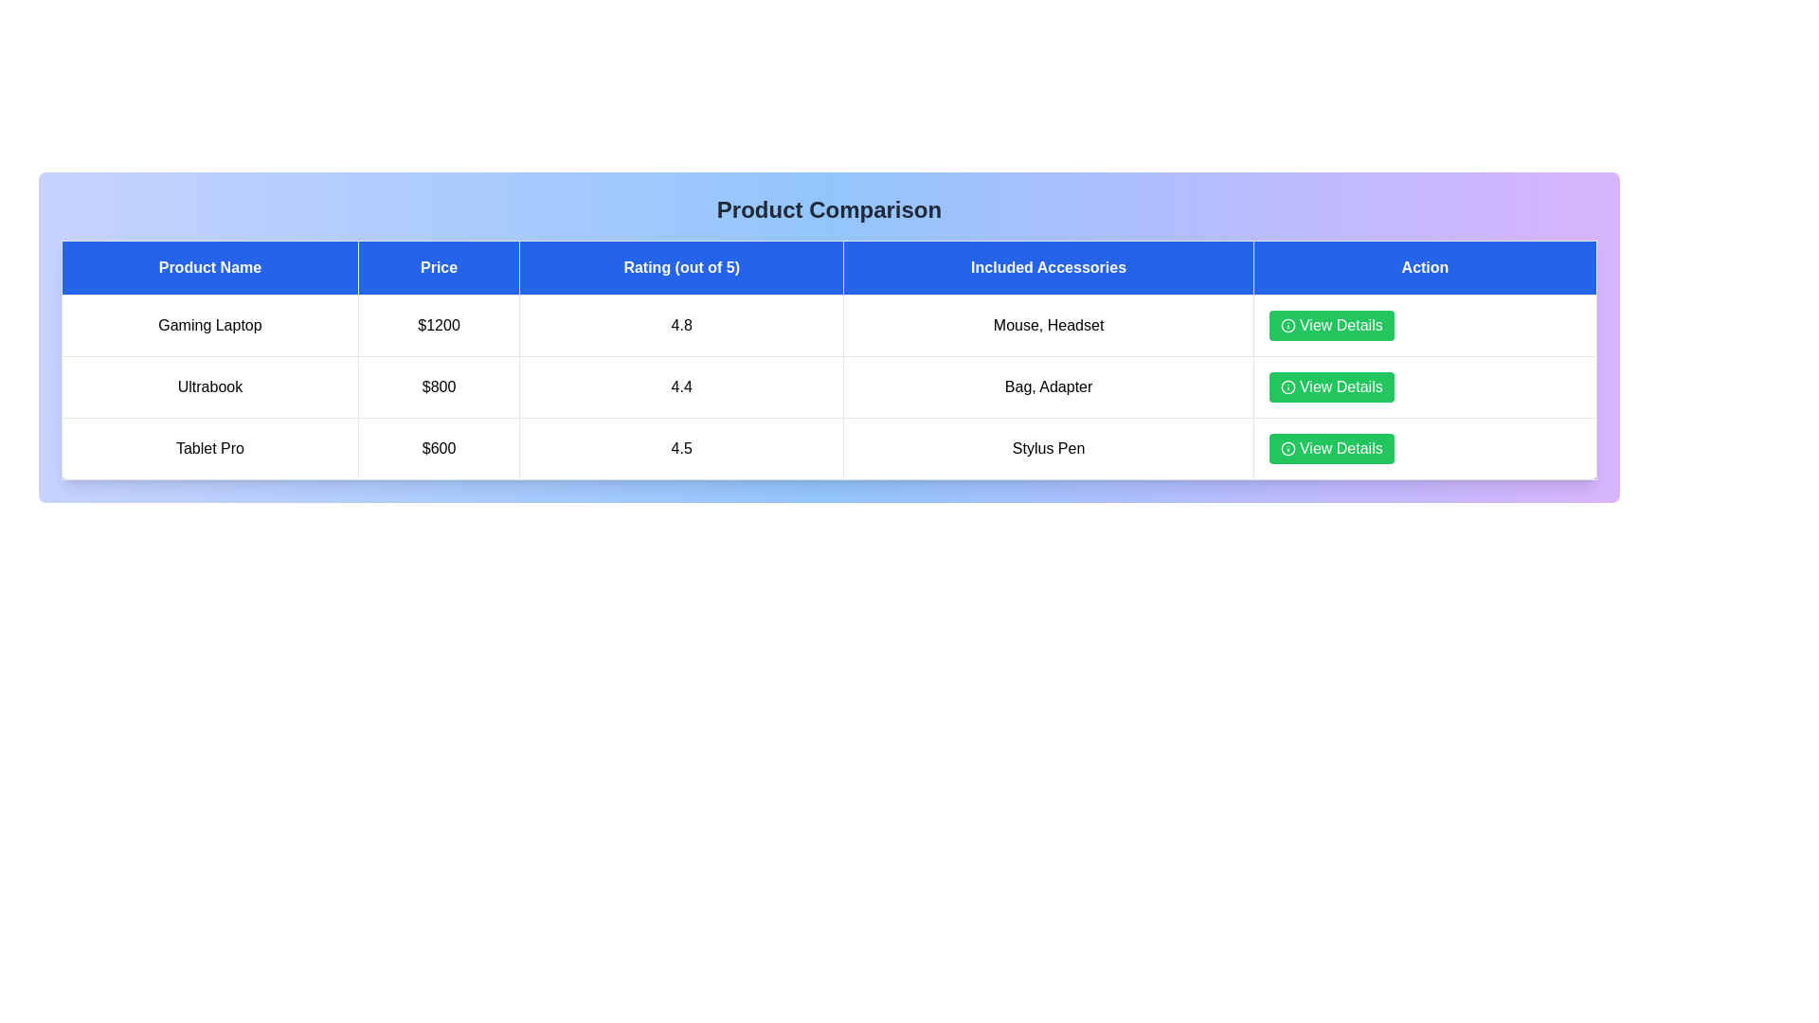 This screenshot has height=1023, width=1819. What do you see at coordinates (1330, 386) in the screenshot?
I see `'View Details' button for the product Ultrabook` at bounding box center [1330, 386].